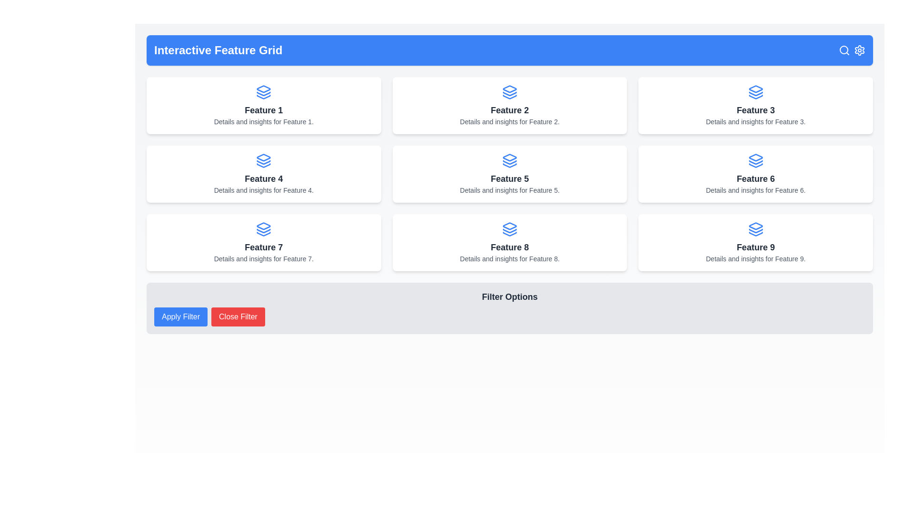 This screenshot has height=514, width=914. I want to click on the blue triangular icon representing Feature 8, located in the third column below the top section, so click(509, 226).